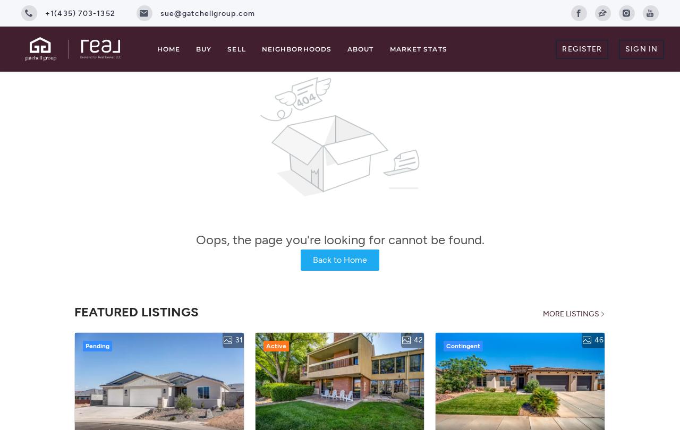 This screenshot has width=680, height=430. What do you see at coordinates (203, 48) in the screenshot?
I see `'Buy'` at bounding box center [203, 48].